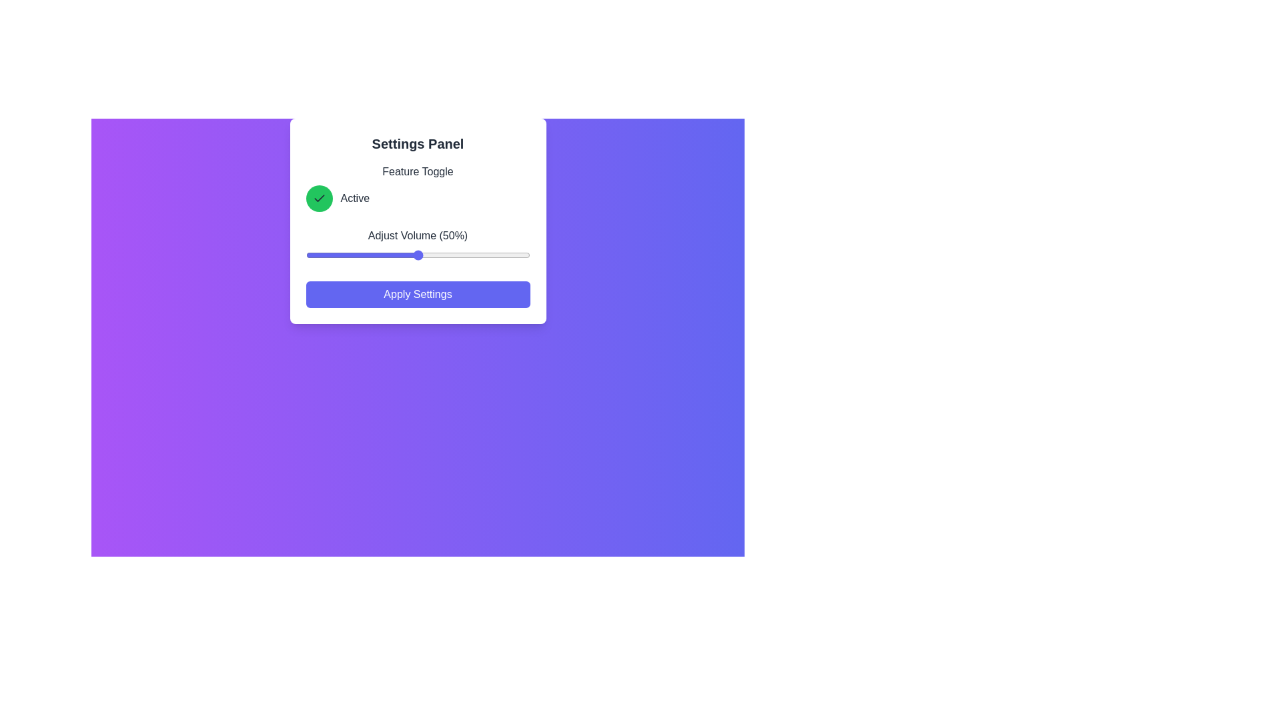 The height and width of the screenshot is (720, 1281). I want to click on the green circular icon with a centered black checkmark symbol, part of the 'Active' toggle button, so click(318, 198).